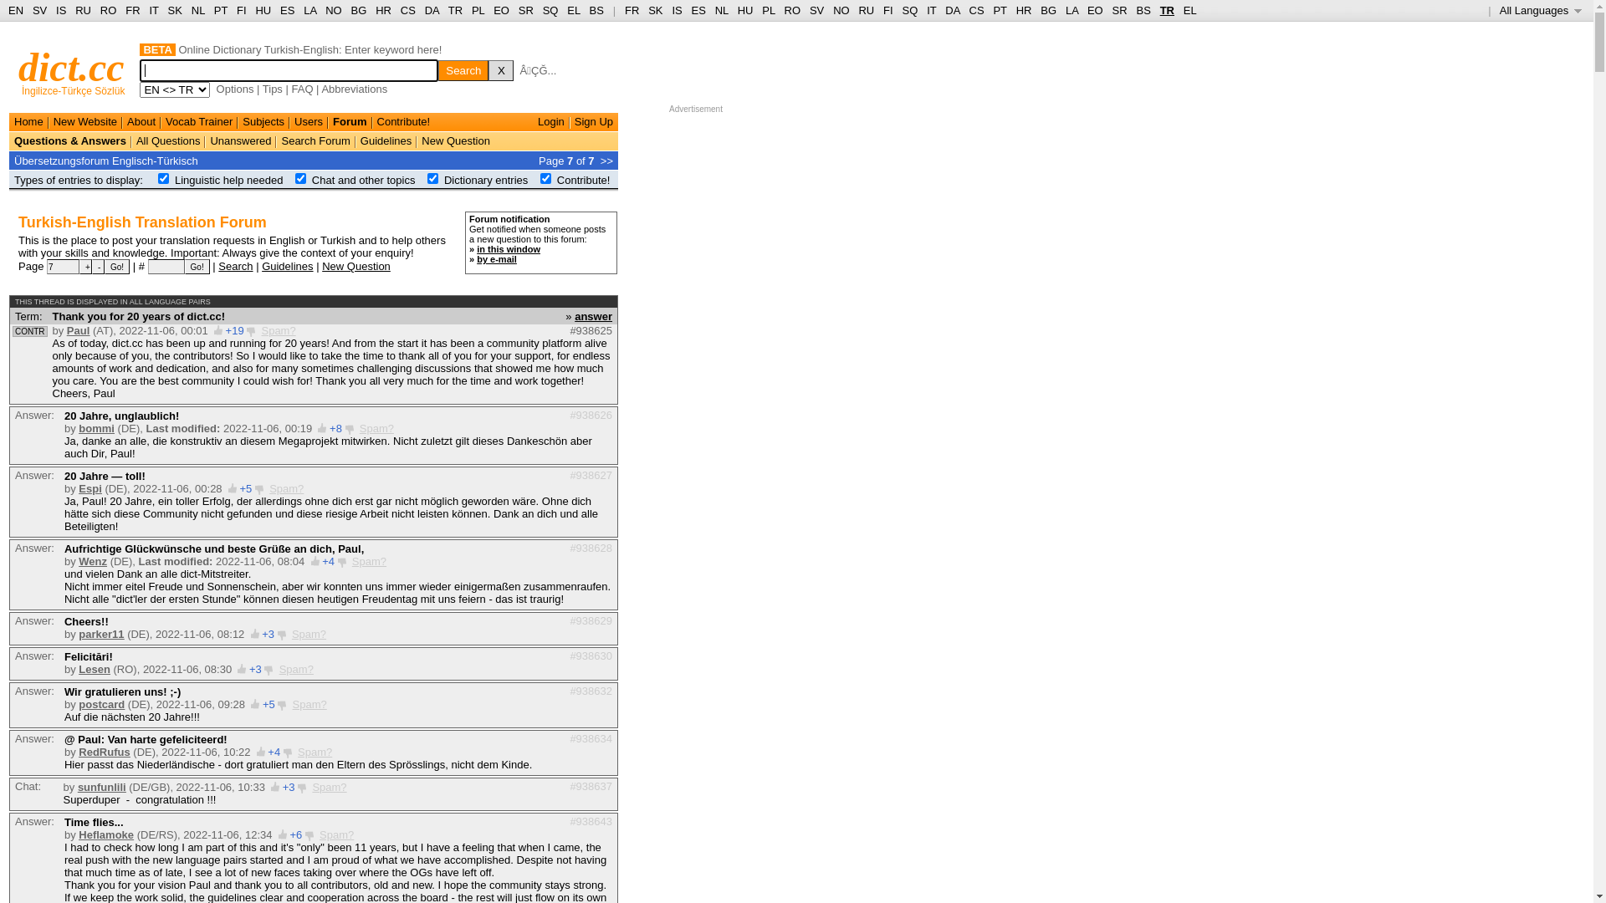 This screenshot has height=903, width=1606. I want to click on 'Abbreviations', so click(353, 89).